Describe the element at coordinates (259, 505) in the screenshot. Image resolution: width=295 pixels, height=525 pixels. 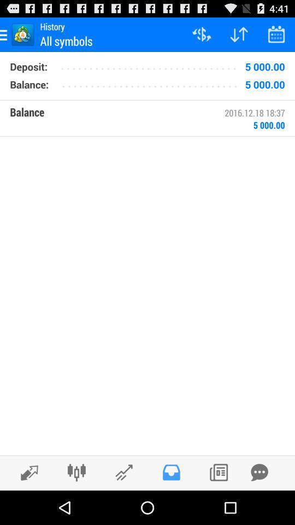
I see `the chat icon` at that location.